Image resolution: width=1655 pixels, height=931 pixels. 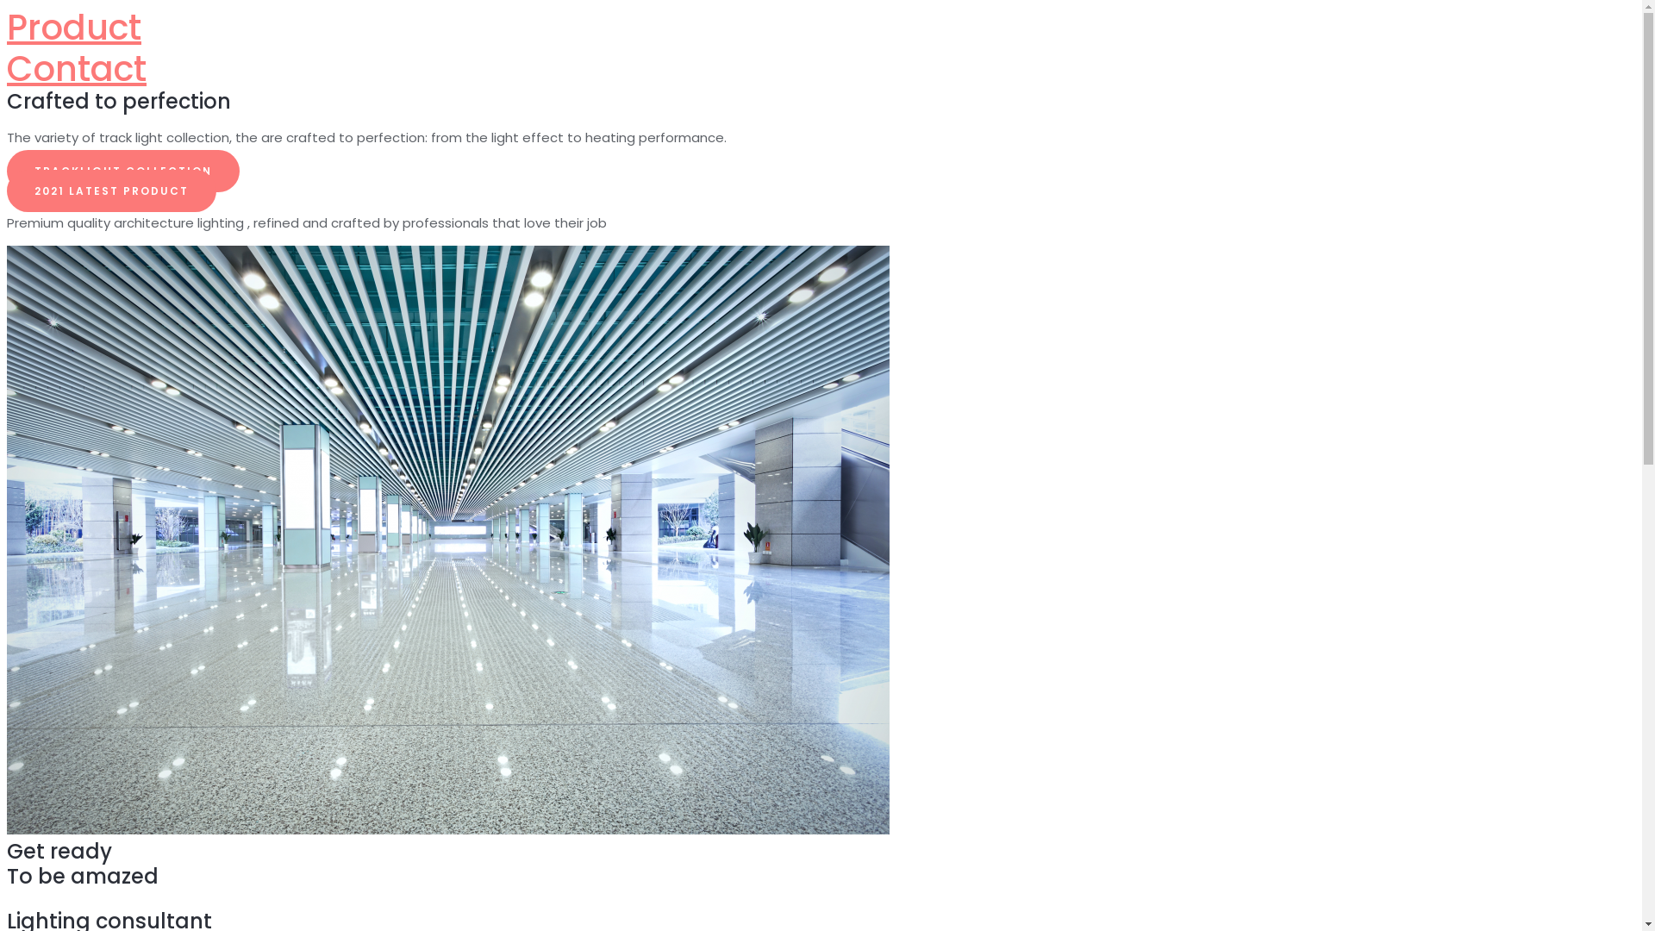 What do you see at coordinates (73, 27) in the screenshot?
I see `'Product'` at bounding box center [73, 27].